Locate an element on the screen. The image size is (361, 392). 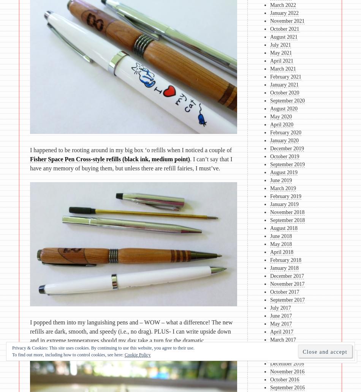
'November 2017' is located at coordinates (287, 284).